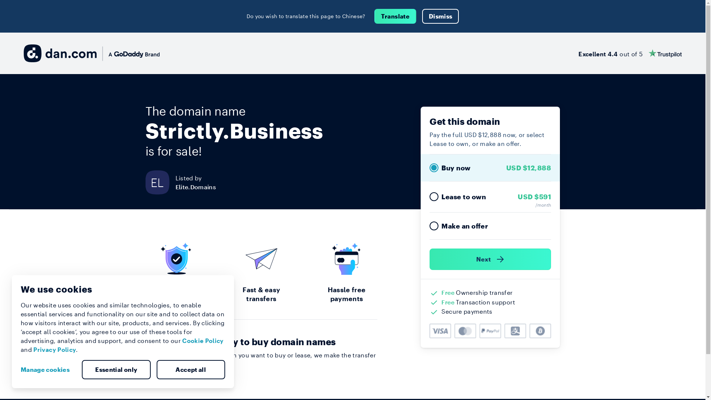 The height and width of the screenshot is (400, 711). Describe the element at coordinates (203, 340) in the screenshot. I see `'Cookie Policy'` at that location.